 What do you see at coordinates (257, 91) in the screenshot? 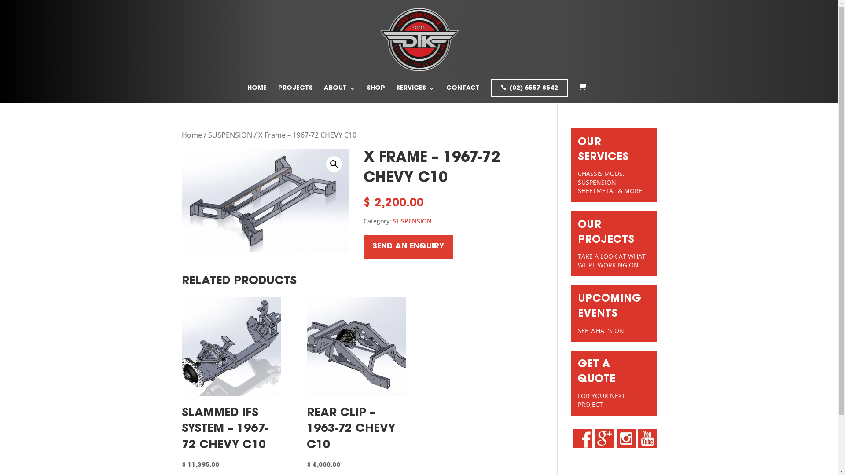
I see `'HOME'` at bounding box center [257, 91].